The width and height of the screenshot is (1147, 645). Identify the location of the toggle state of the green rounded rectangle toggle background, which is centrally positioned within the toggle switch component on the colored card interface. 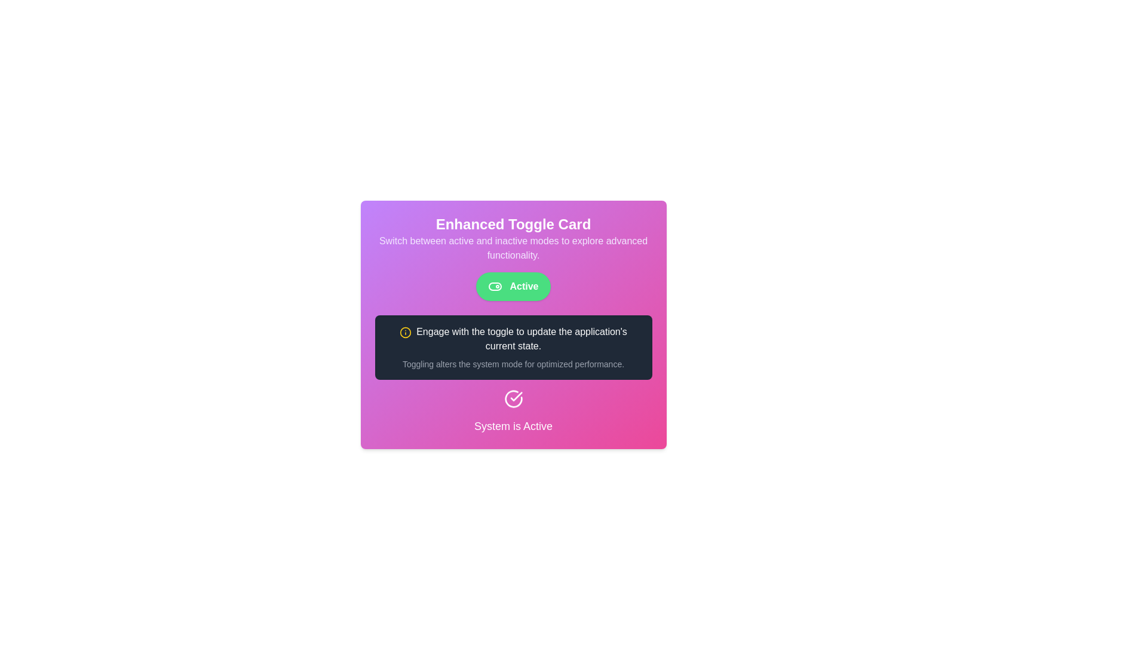
(495, 286).